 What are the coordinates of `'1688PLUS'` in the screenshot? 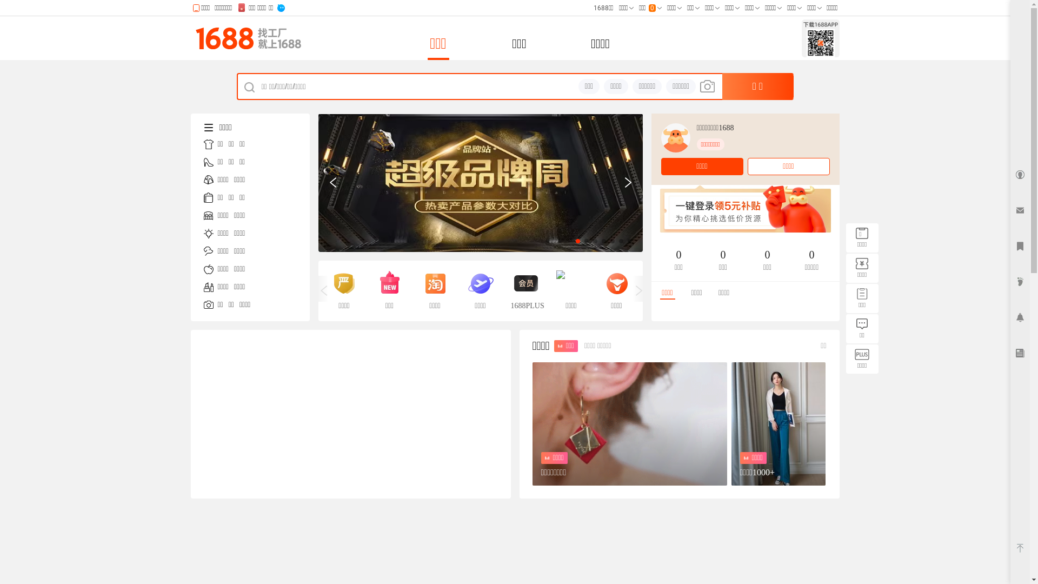 It's located at (525, 290).